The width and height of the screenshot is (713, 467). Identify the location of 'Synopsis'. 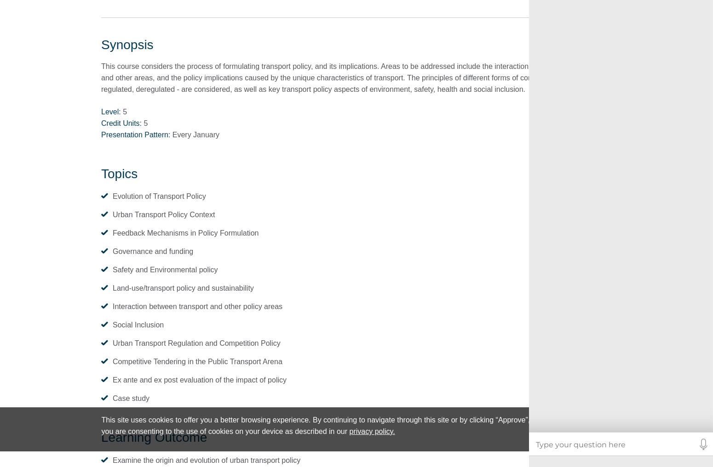
(127, 44).